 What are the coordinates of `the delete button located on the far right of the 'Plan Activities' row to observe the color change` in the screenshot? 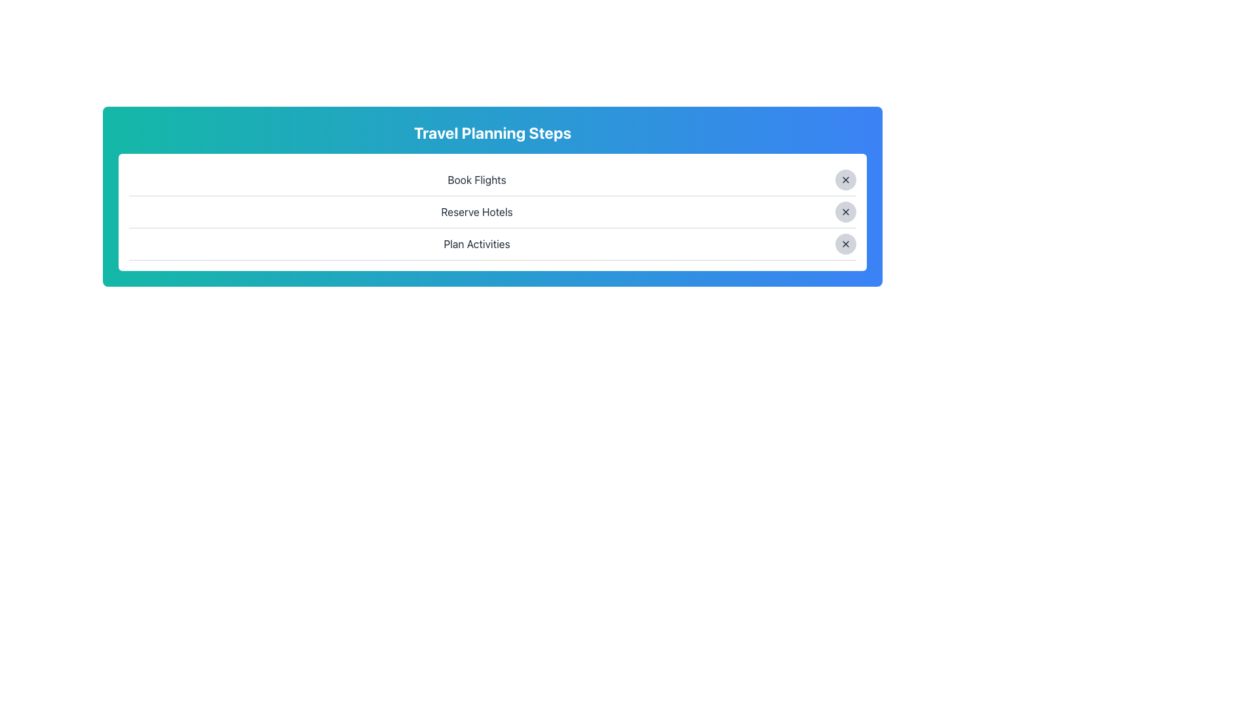 It's located at (846, 244).